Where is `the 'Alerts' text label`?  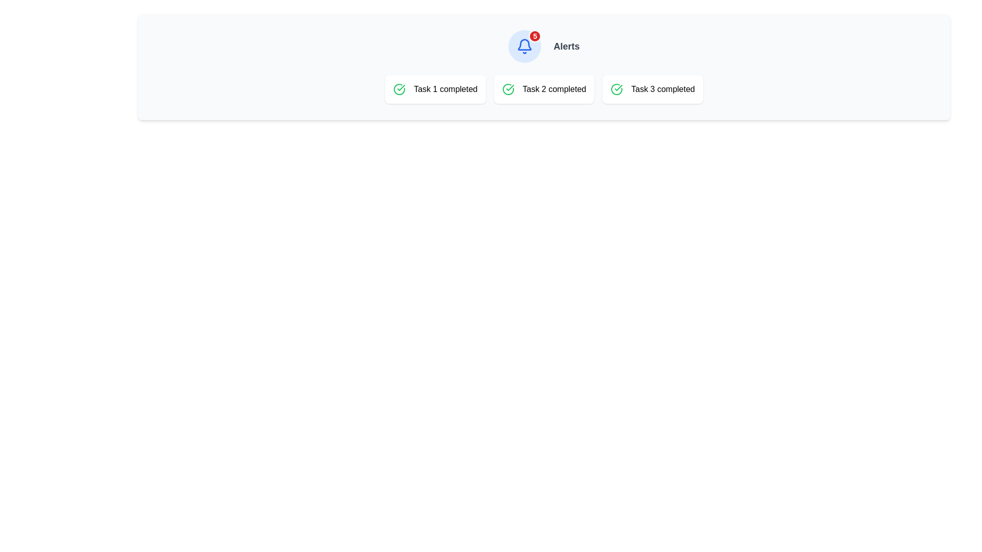
the 'Alerts' text label is located at coordinates (566, 47).